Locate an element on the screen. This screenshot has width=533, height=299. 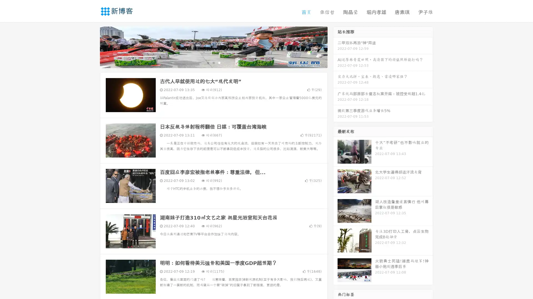
Next slide is located at coordinates (335, 47).